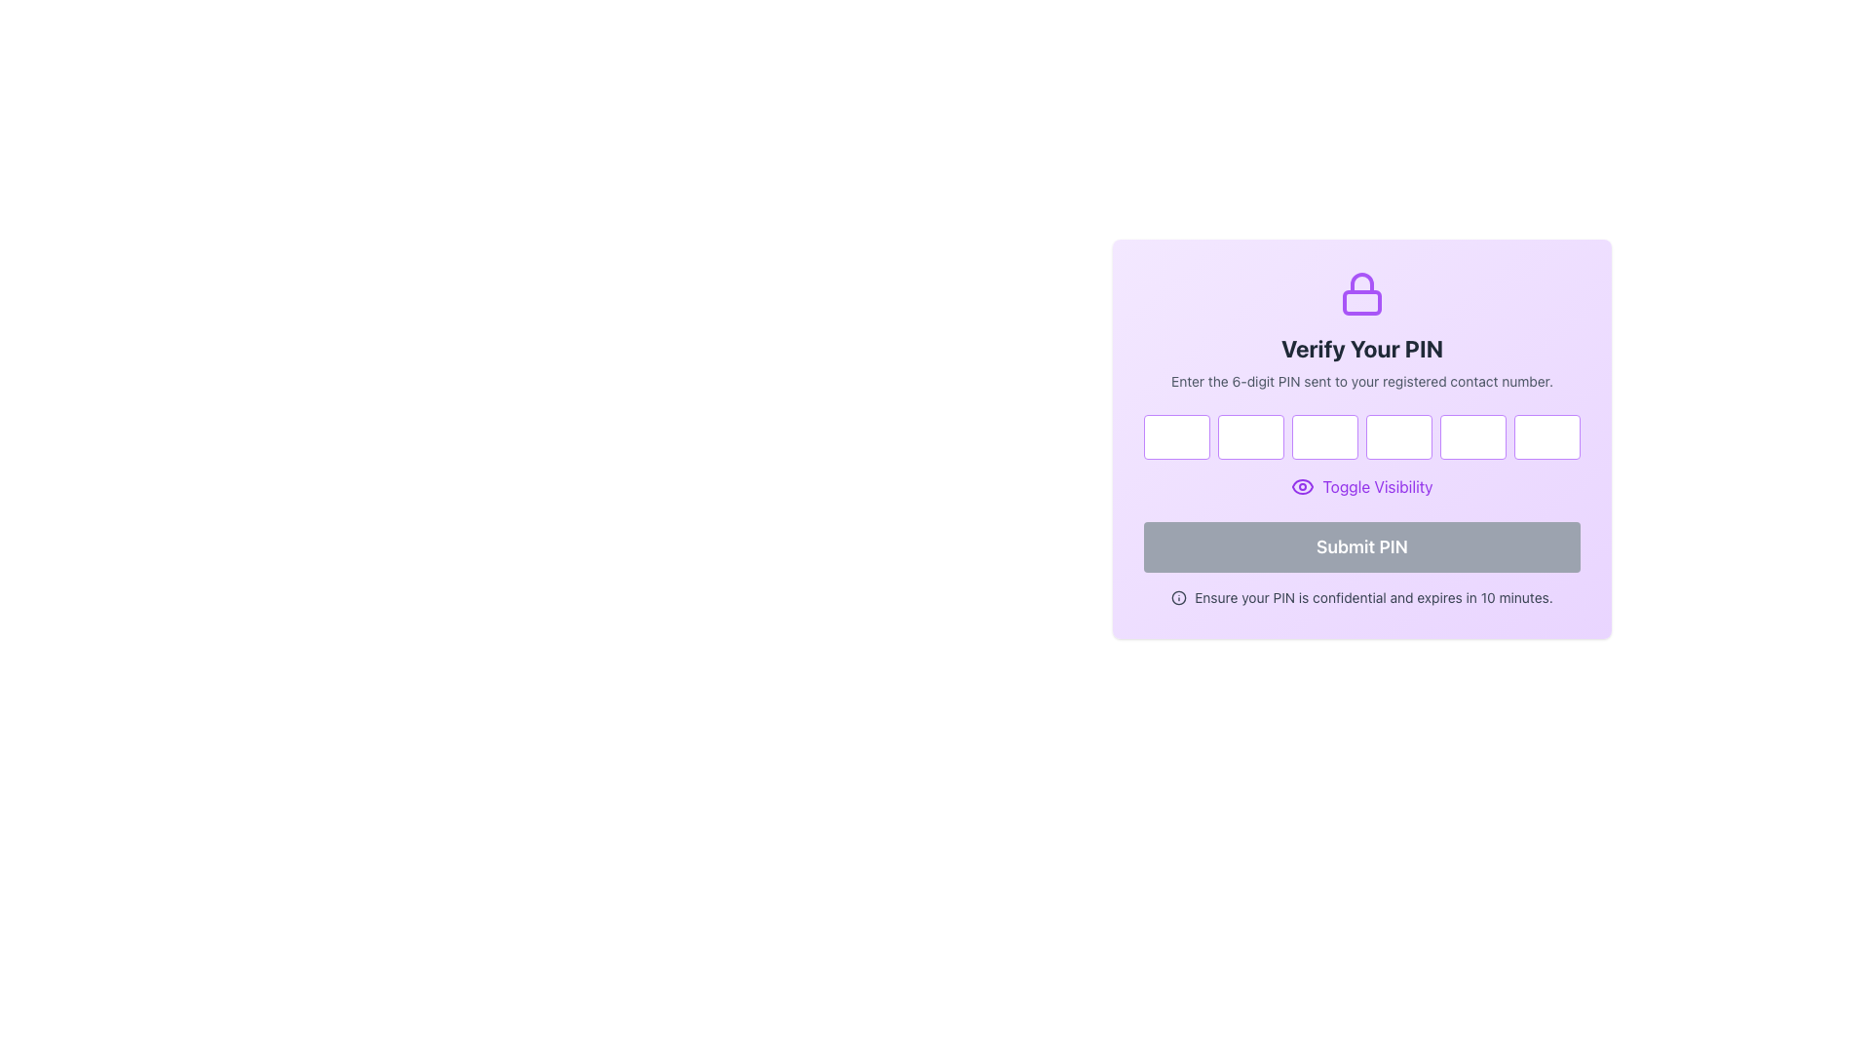 This screenshot has height=1052, width=1871. I want to click on the SVG icon that serves as a visual indicator for informational content, located to the left of the text 'Ensure your PIN is confidential and expires in 10 minutes.', so click(1178, 596).